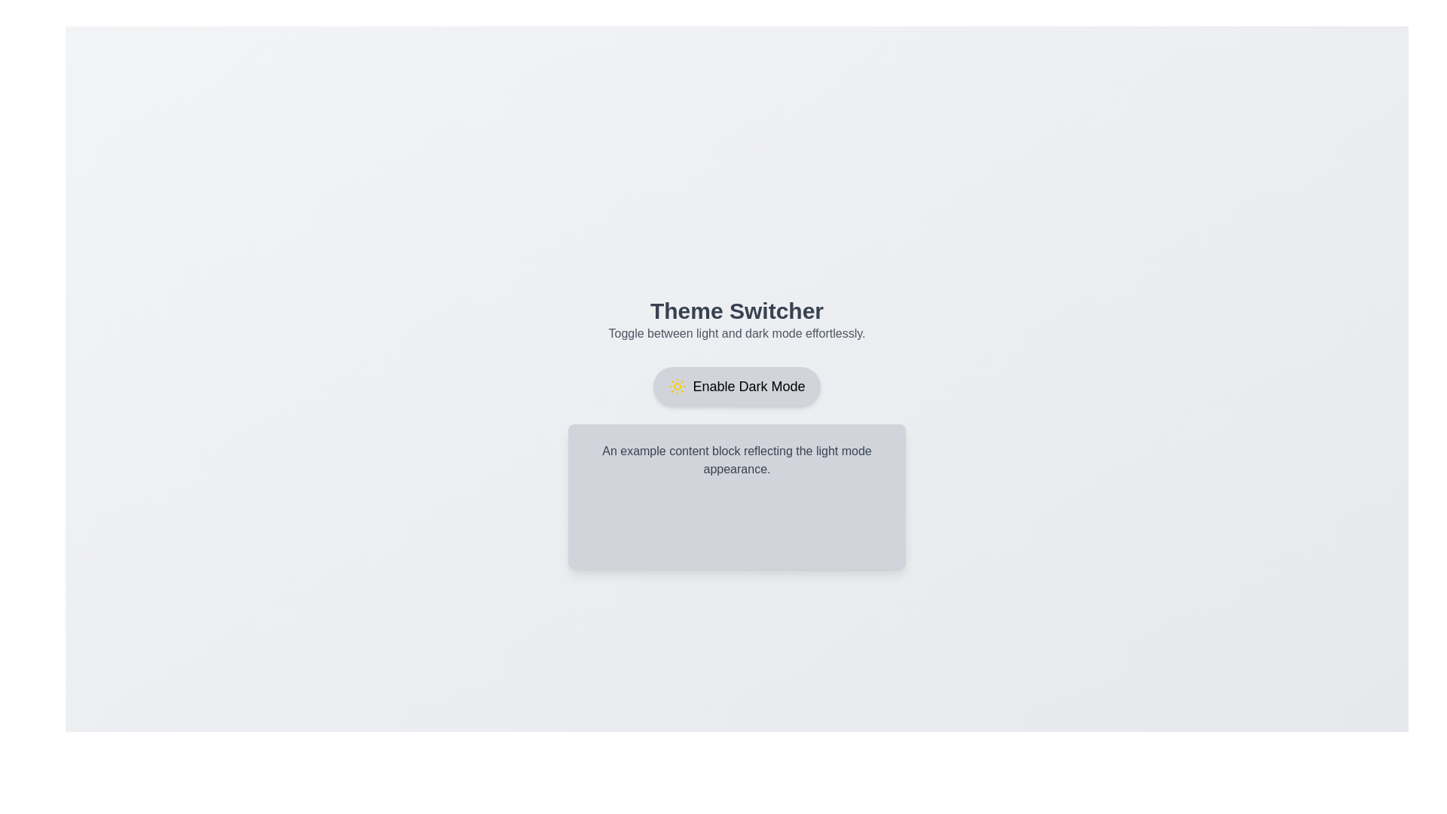 Image resolution: width=1447 pixels, height=814 pixels. I want to click on the 'Enable Dark Mode' button with rounded corners, which is centrally located beneath the 'Theme Switcher' header, so click(737, 386).